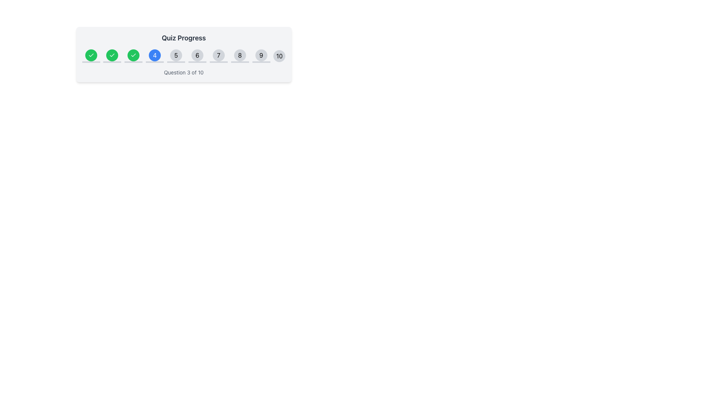  I want to click on the third green decorative progress icon in the quiz progress tracker to indicate that this step has been completed successfully, so click(134, 56).